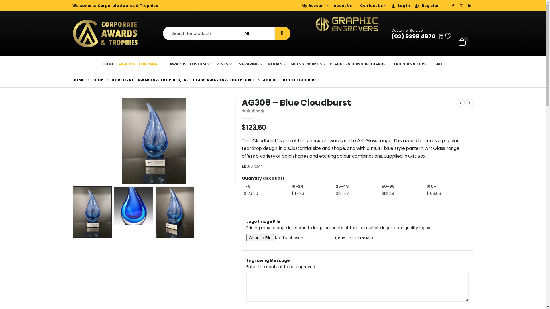  What do you see at coordinates (223, 64) in the screenshot?
I see `'EVENTS'` at bounding box center [223, 64].